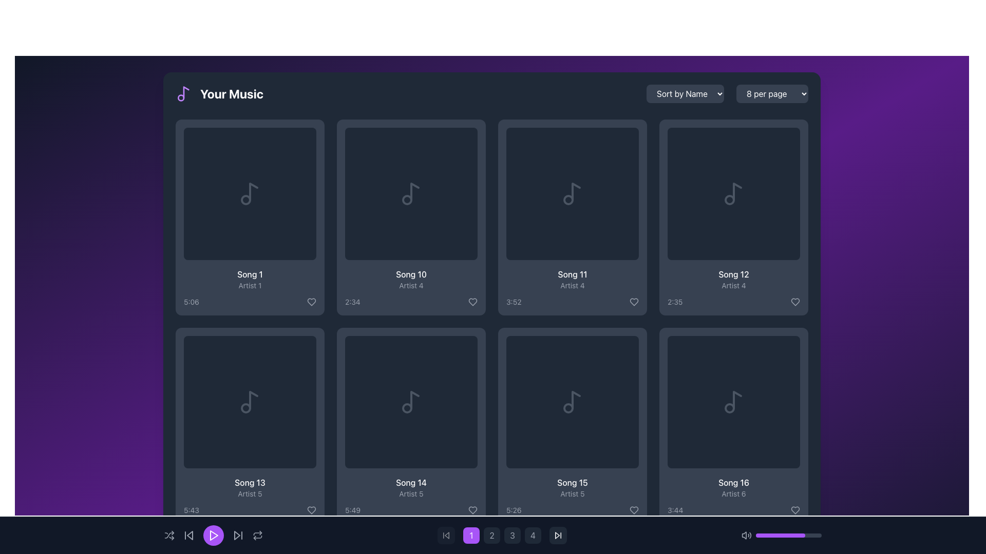 The height and width of the screenshot is (554, 986). What do you see at coordinates (572, 194) in the screenshot?
I see `the playback button for 'Song 11' to change its appearance, located at the center of the tile card in the music playlist interface` at bounding box center [572, 194].